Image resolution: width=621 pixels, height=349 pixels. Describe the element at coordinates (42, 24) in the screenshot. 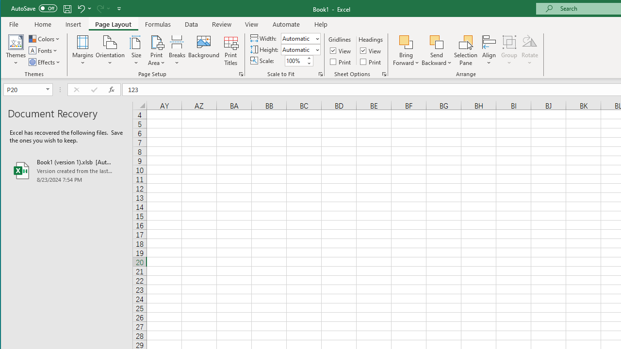

I see `'Home'` at that location.